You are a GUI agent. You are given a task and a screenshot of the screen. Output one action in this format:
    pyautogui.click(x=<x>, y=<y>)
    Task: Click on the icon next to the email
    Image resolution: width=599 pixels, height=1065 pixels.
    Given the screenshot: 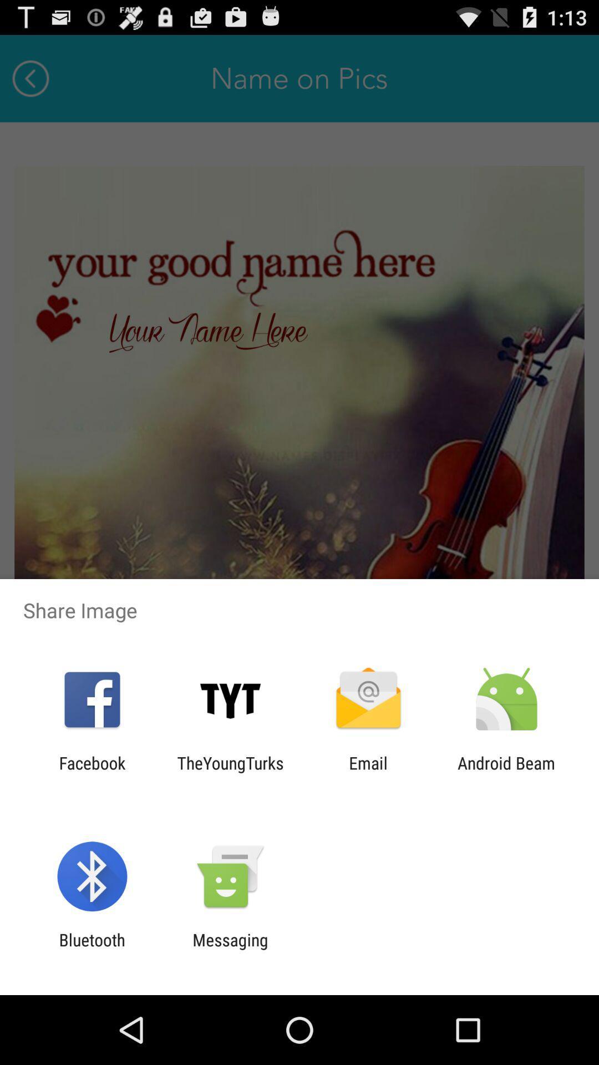 What is the action you would take?
    pyautogui.click(x=230, y=772)
    